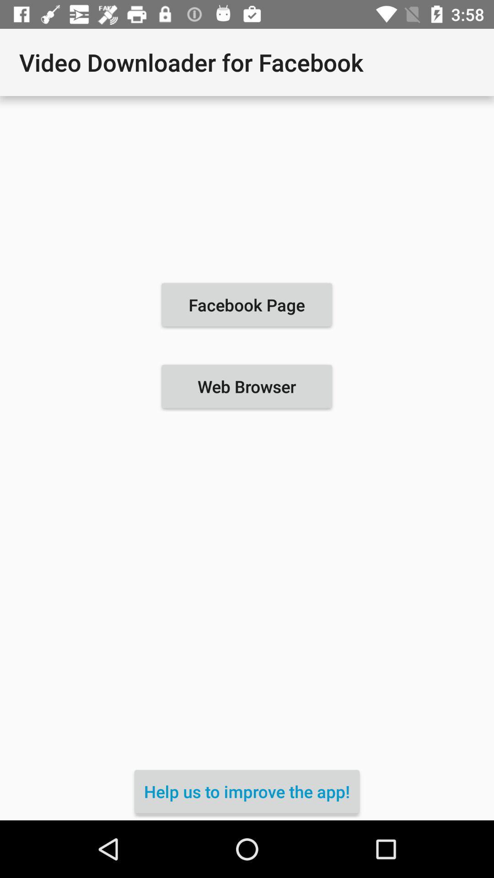 The height and width of the screenshot is (878, 494). I want to click on icon below facebook page item, so click(246, 386).